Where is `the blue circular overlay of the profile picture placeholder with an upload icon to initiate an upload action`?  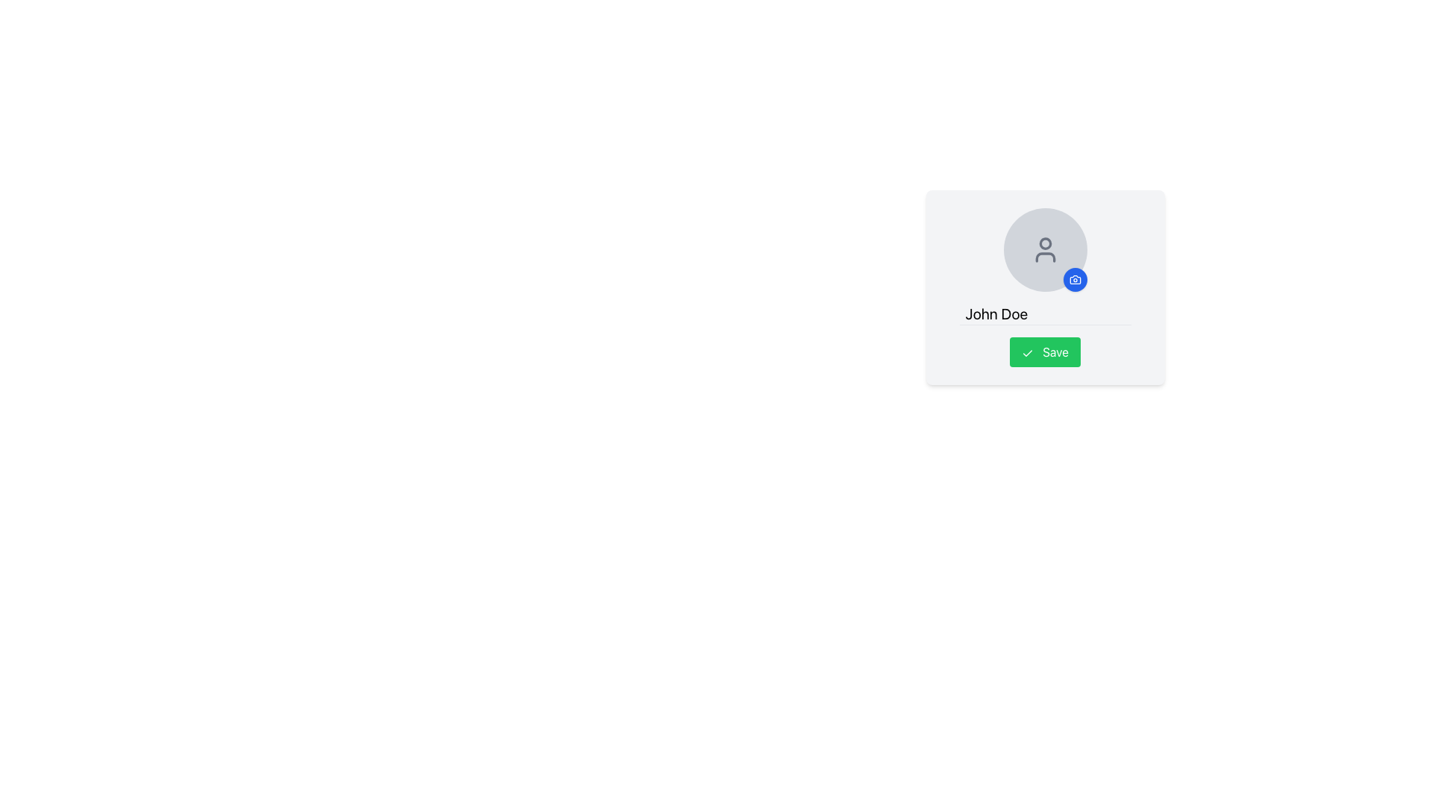
the blue circular overlay of the profile picture placeholder with an upload icon to initiate an upload action is located at coordinates (1044, 249).